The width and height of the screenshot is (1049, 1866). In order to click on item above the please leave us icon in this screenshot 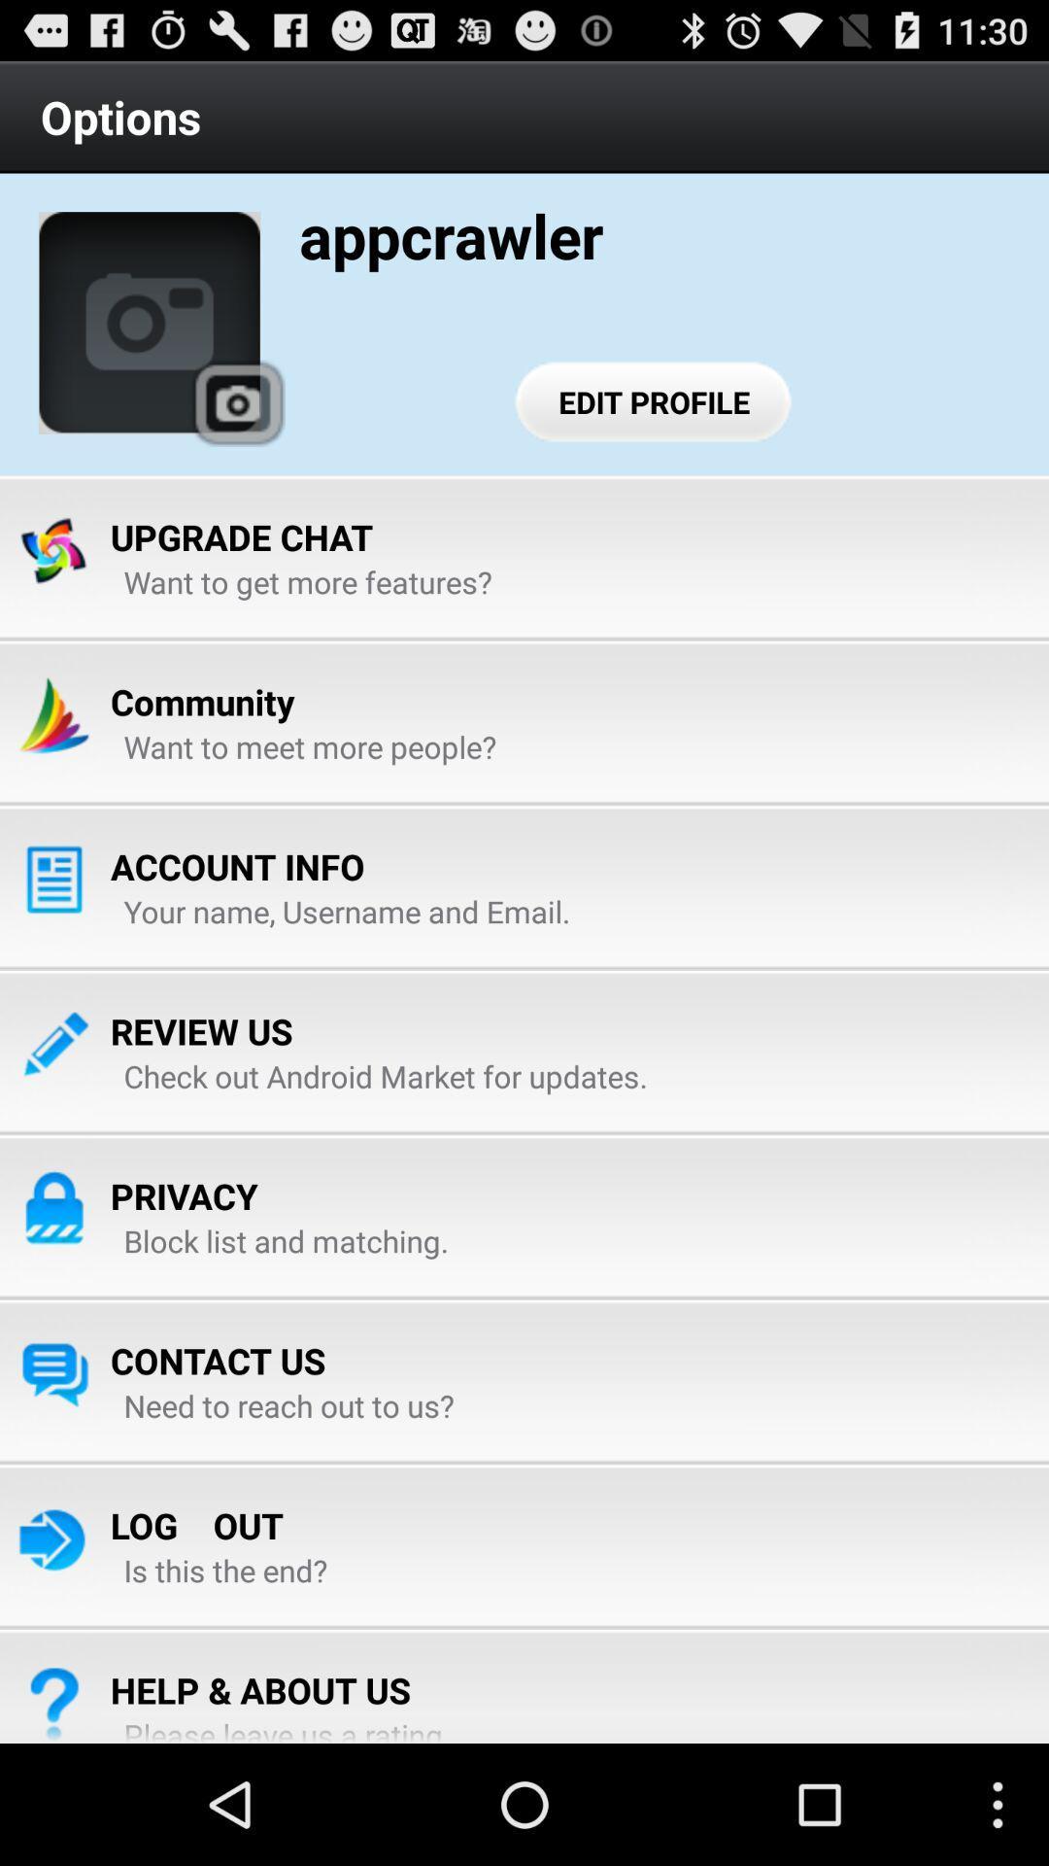, I will do `click(259, 1689)`.